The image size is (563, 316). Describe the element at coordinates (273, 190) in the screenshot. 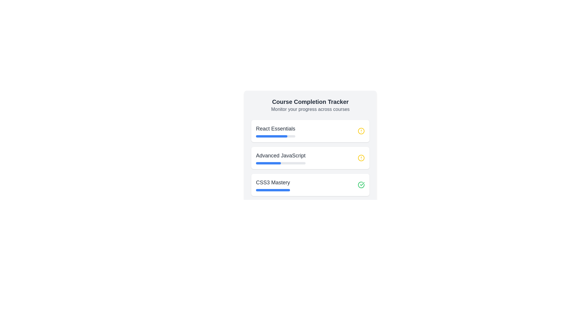

I see `current progress value of the progress bar for the 'CSS3 Mastery' course, which is located horizontally below the course title in the course progress card` at that location.